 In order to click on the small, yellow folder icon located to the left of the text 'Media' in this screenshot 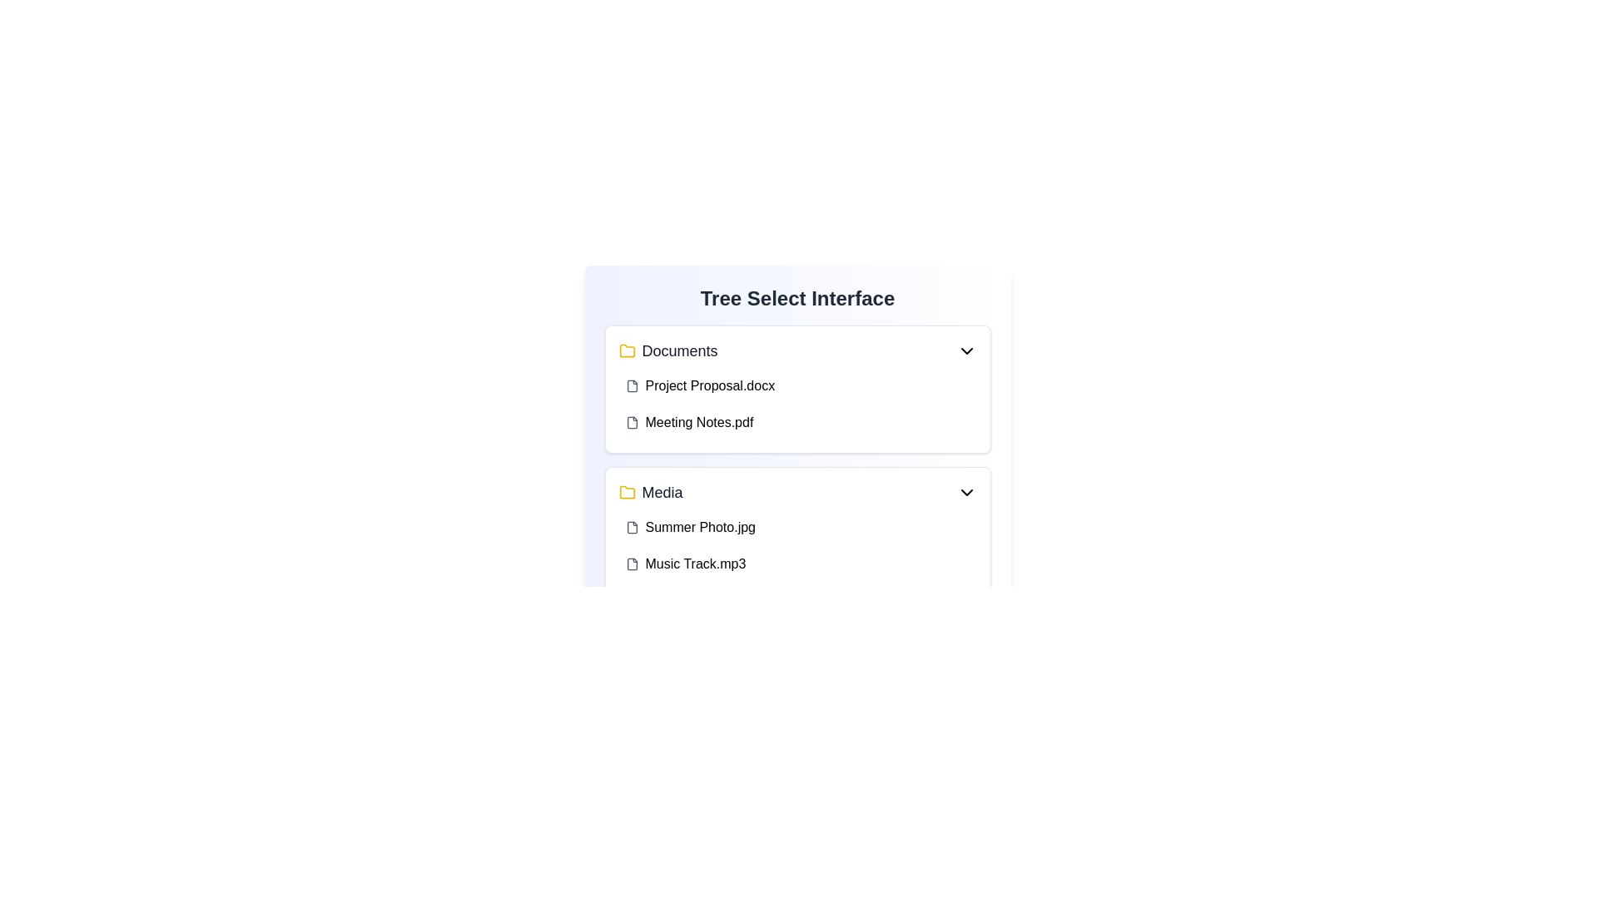, I will do `click(626, 491)`.